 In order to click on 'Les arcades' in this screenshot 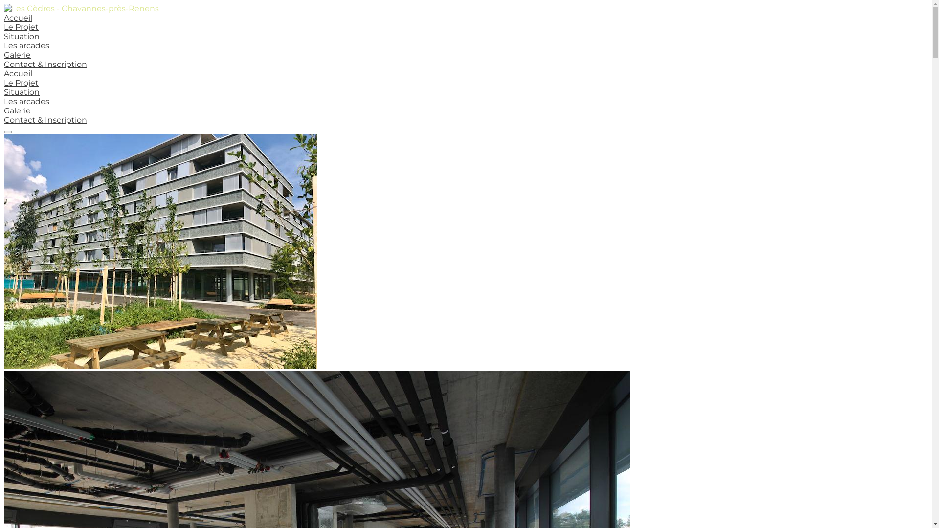, I will do `click(4, 45)`.